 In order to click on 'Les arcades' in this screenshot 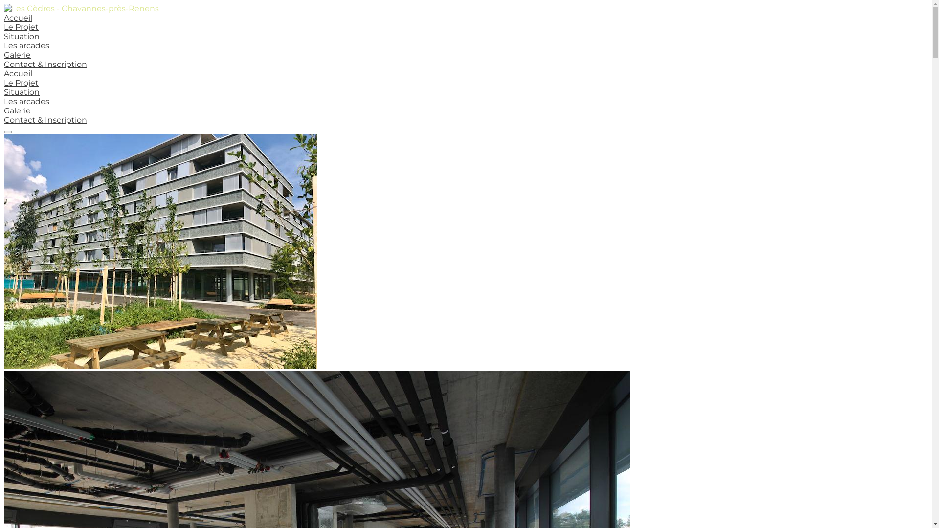, I will do `click(4, 45)`.